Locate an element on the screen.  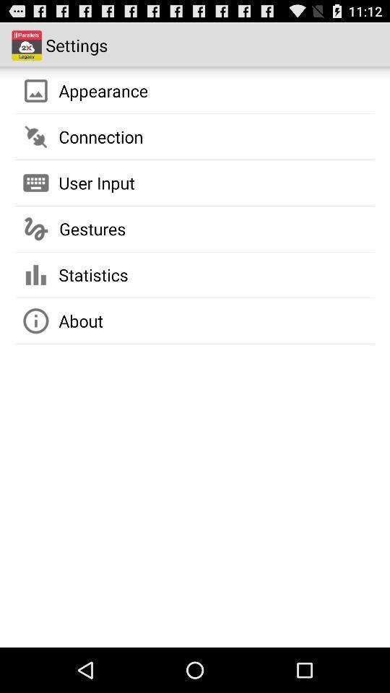
the statistics item is located at coordinates (93, 274).